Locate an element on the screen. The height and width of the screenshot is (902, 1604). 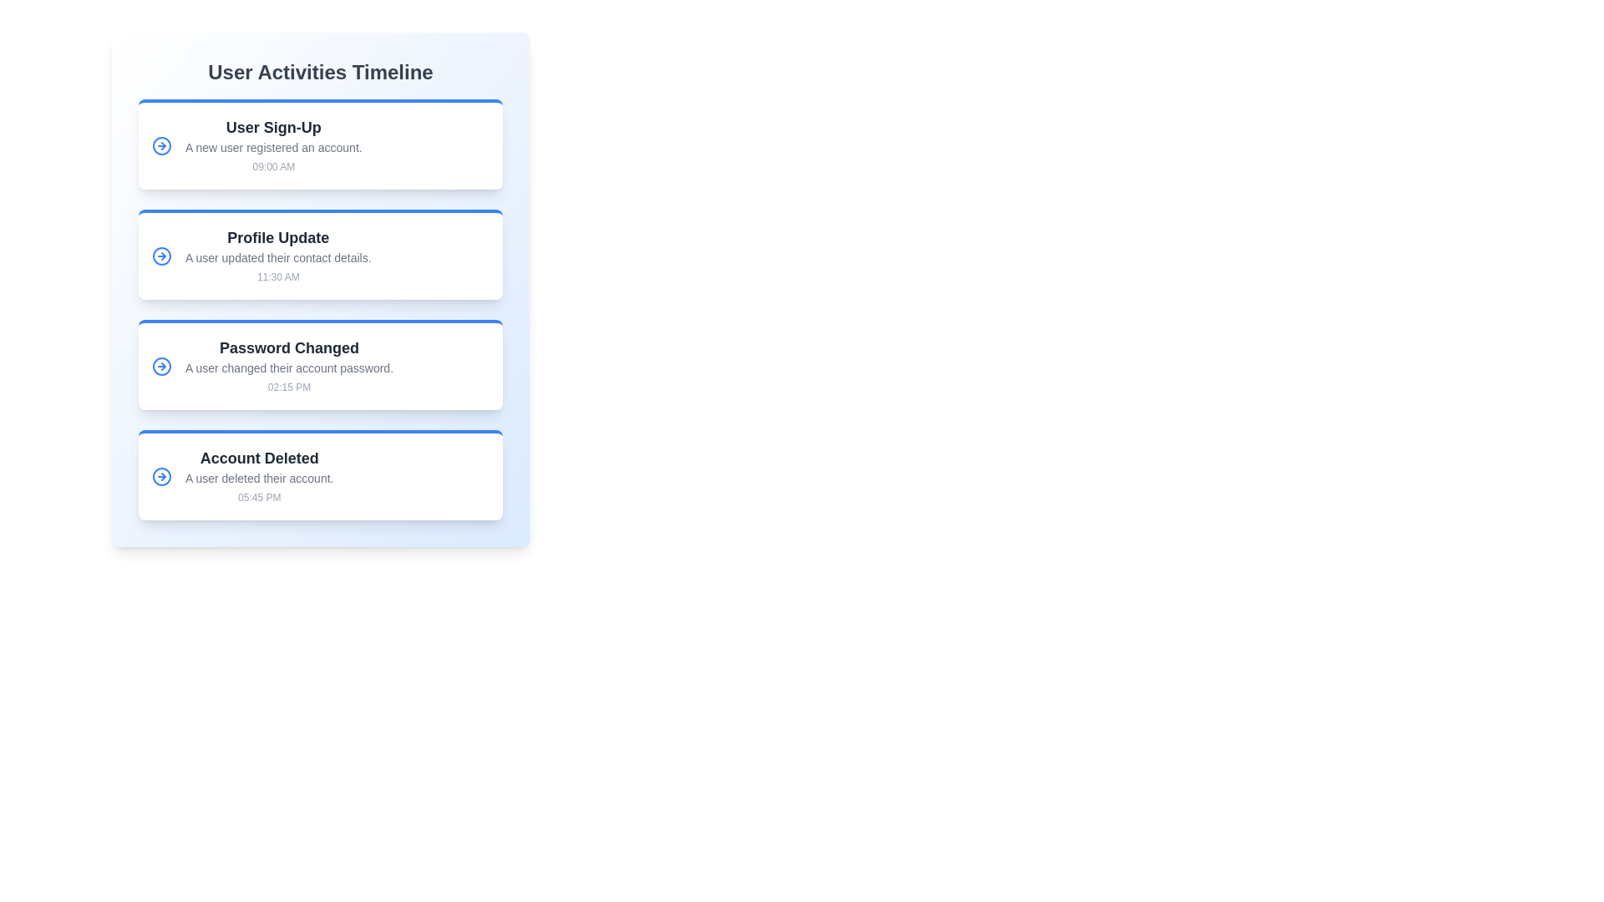
the Text Label that serves as the title for the second timeline entry, summarizing the event details, located in the second card labeled 'Profile Update.' is located at coordinates (278, 238).